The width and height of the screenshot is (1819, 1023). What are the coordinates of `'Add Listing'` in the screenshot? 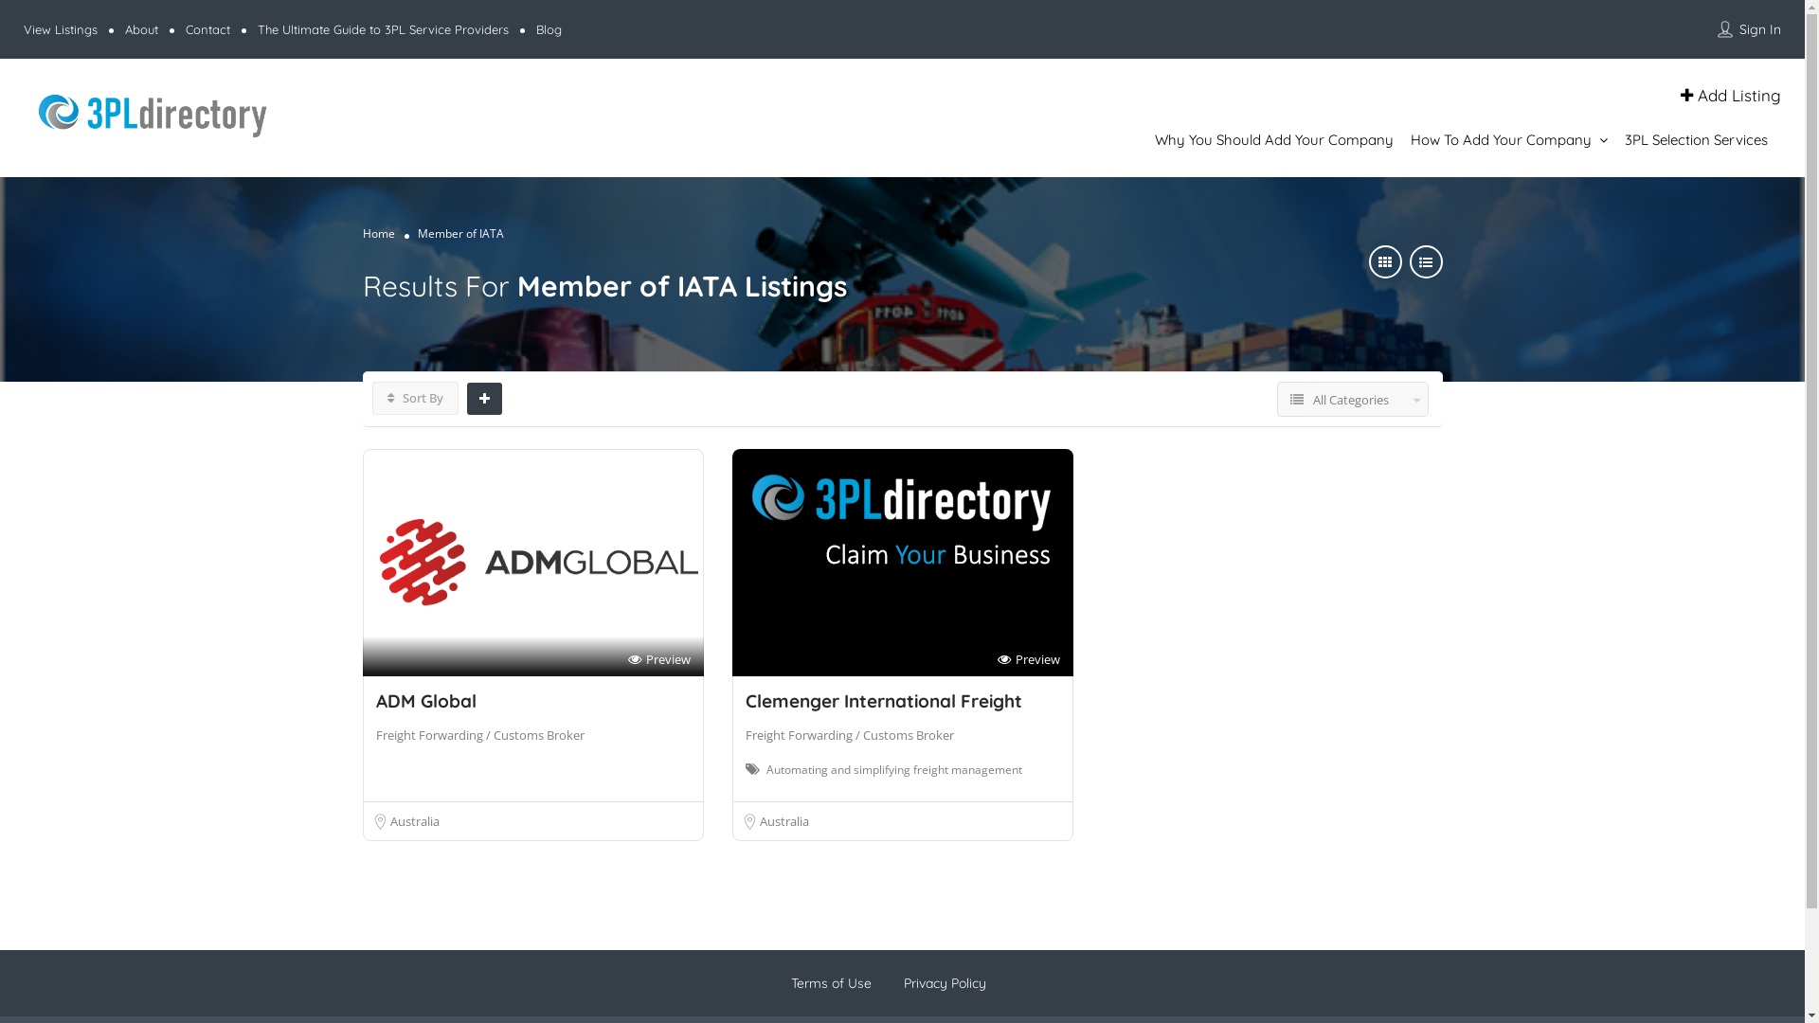 It's located at (1731, 95).